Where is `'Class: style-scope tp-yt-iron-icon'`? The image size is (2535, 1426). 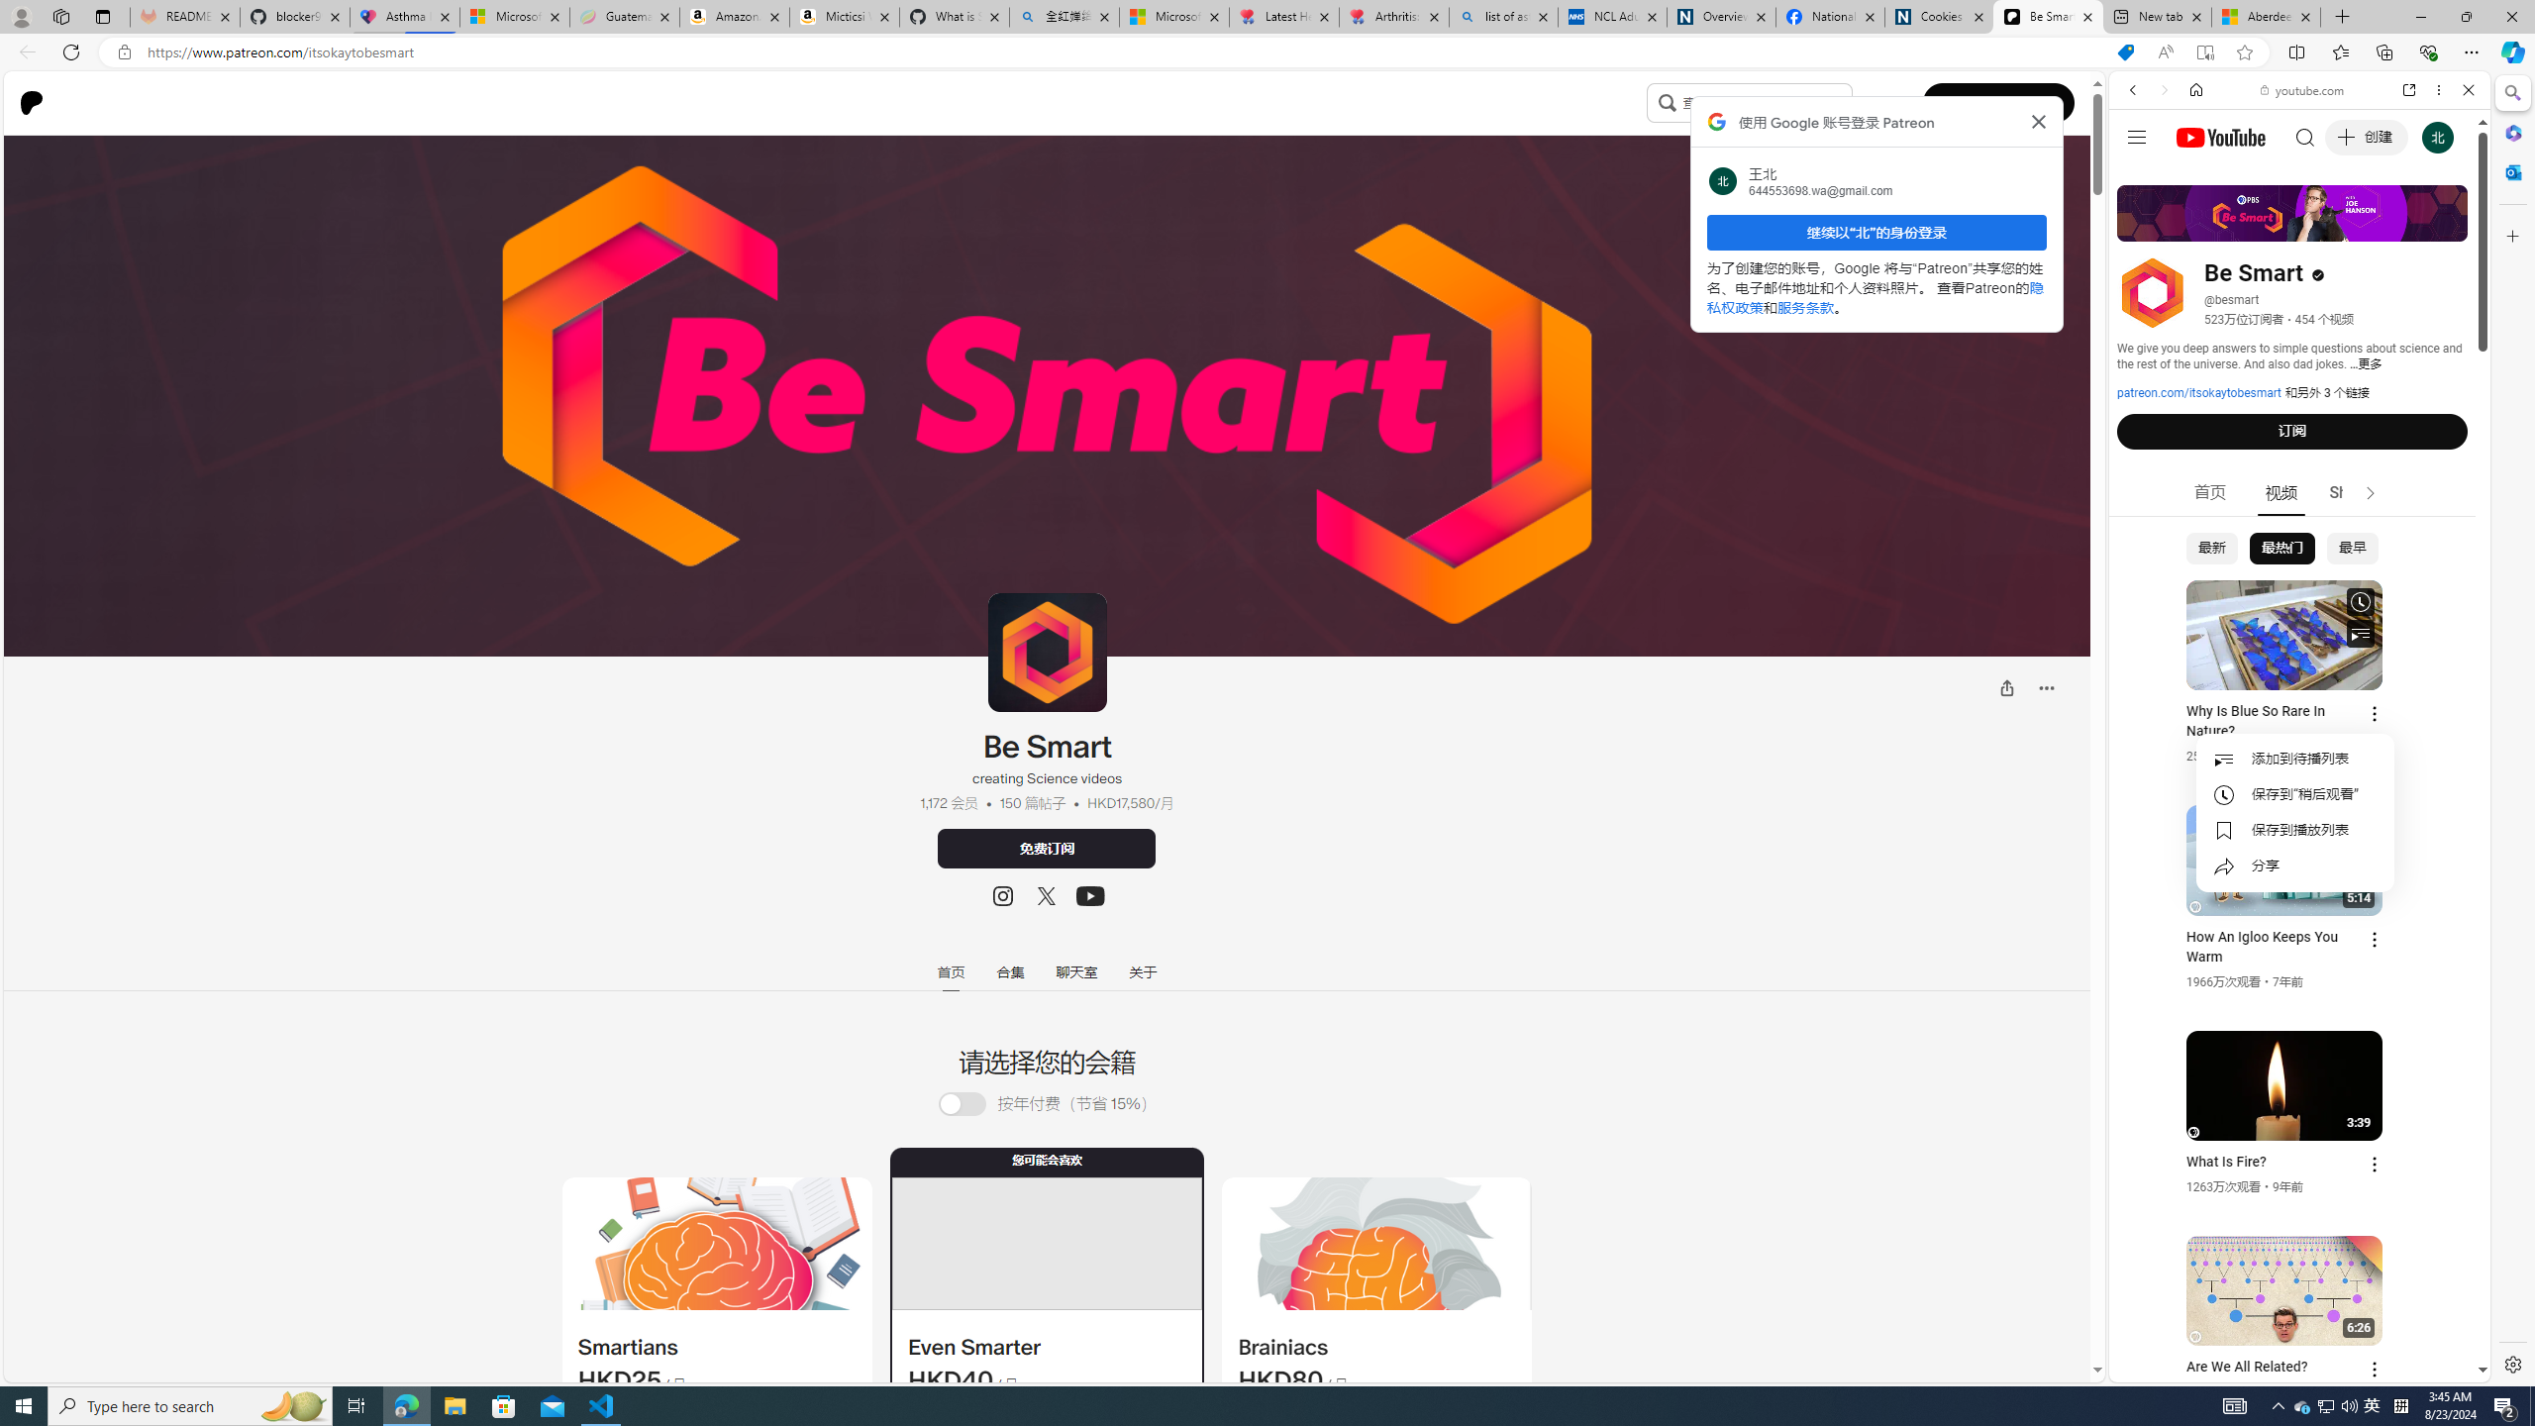
'Class: style-scope tp-yt-iron-icon' is located at coordinates (2369, 492).